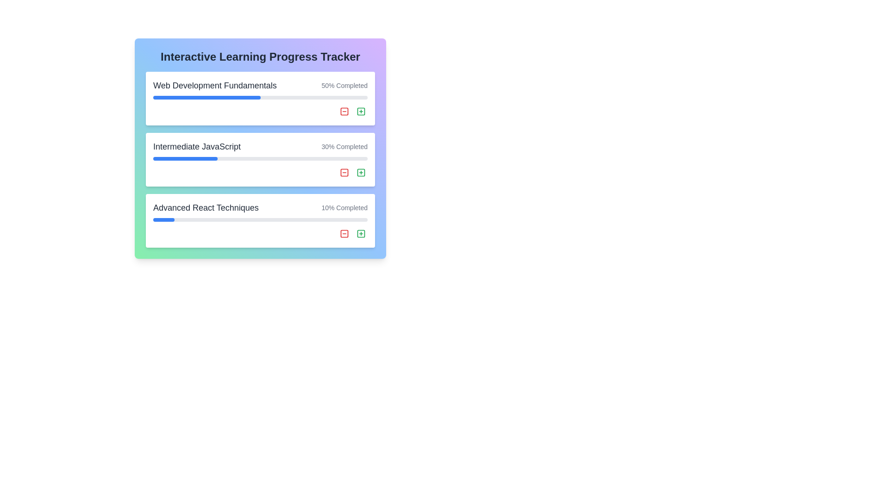  What do you see at coordinates (206, 98) in the screenshot?
I see `the Progress bar that visually represents the task completion for 'Web Development Fundamentals' which is currently at 50% completion` at bounding box center [206, 98].